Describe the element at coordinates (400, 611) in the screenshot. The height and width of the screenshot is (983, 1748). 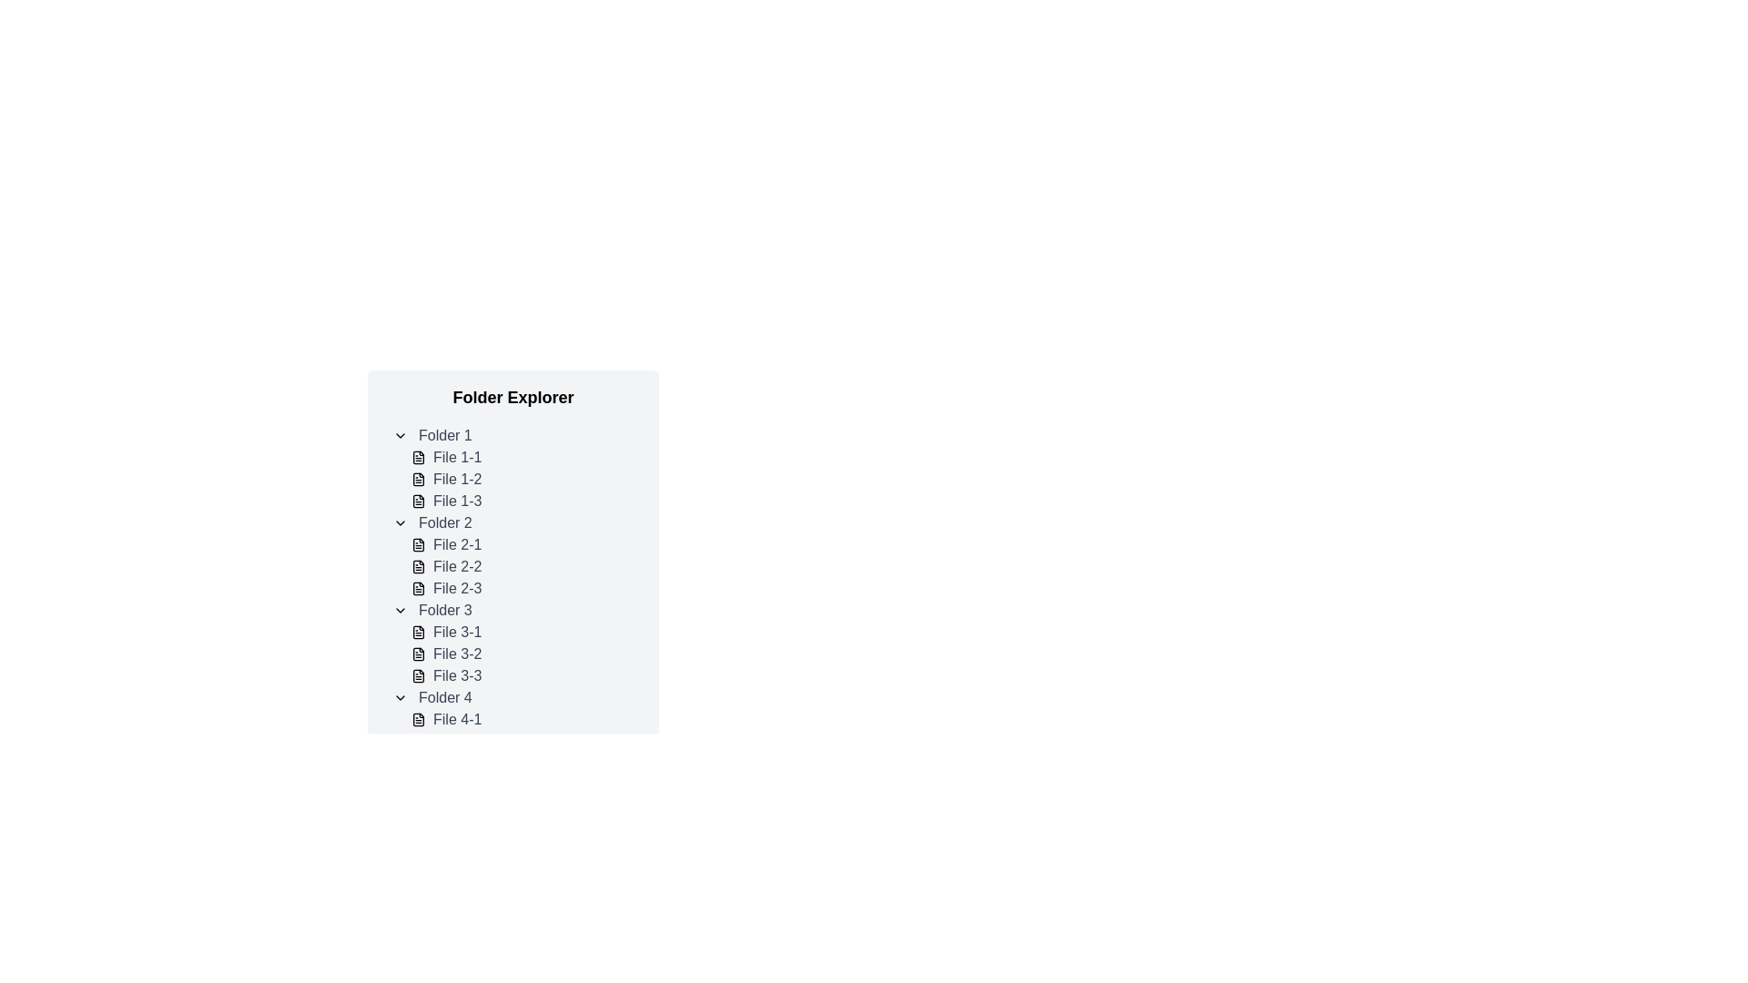
I see `the button with a downwards-chevron icon next to the text labeled 'Folder 3'` at that location.